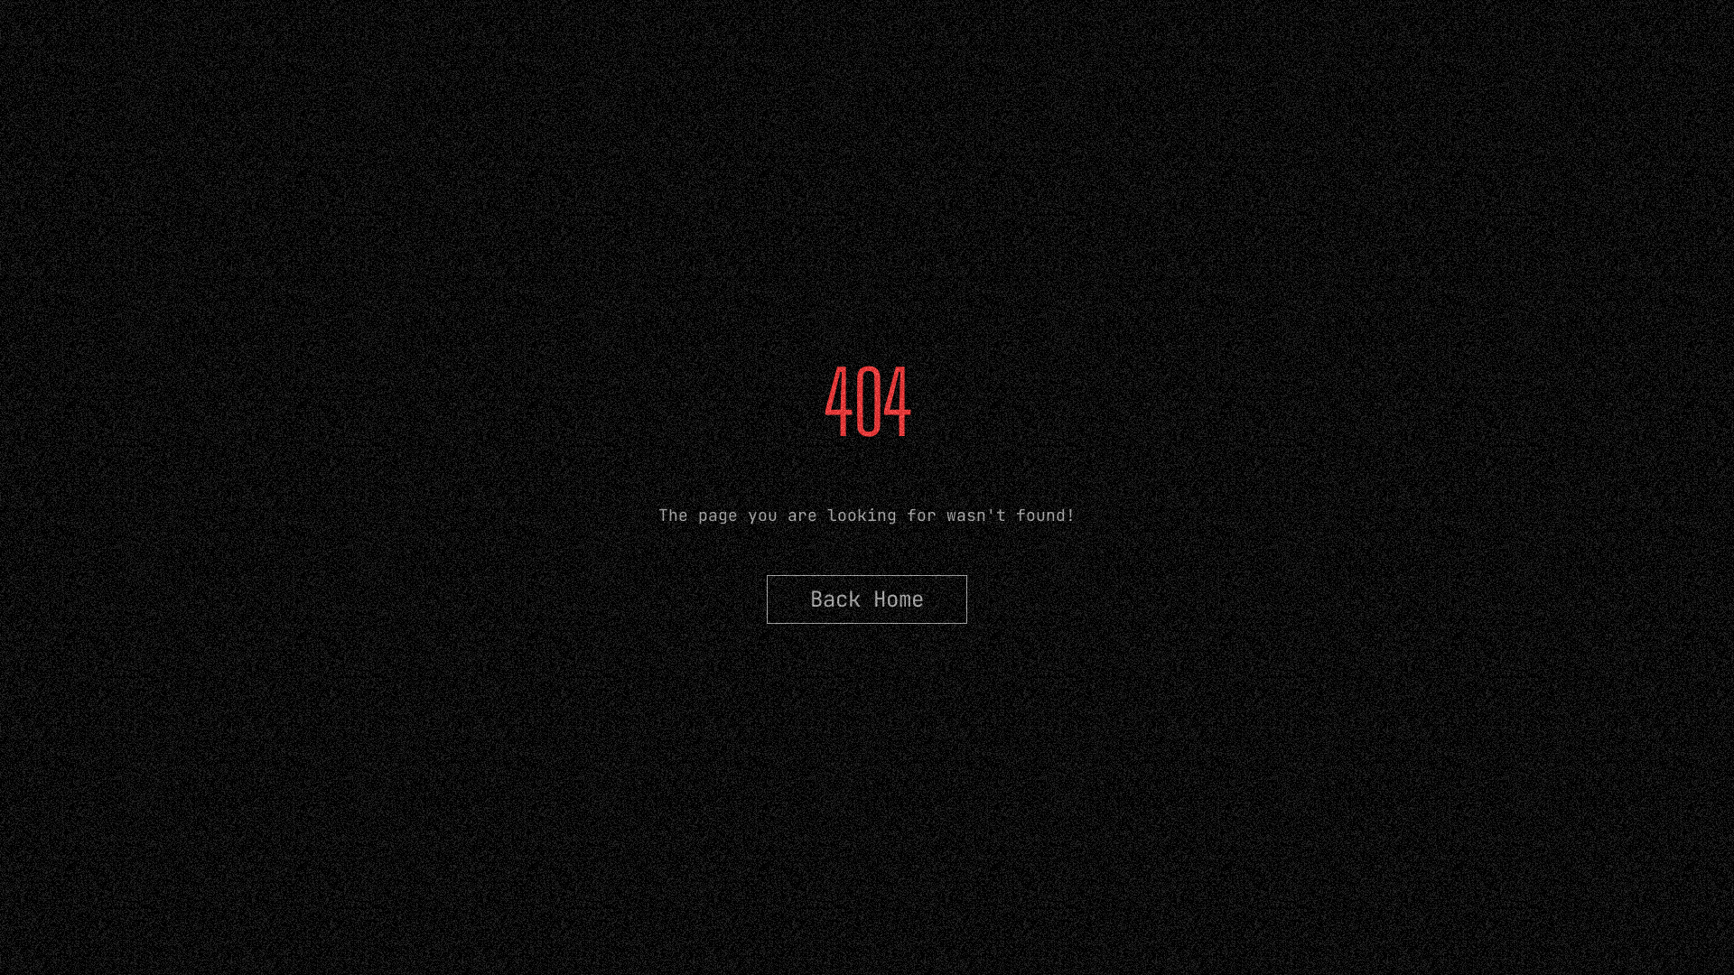  What do you see at coordinates (867, 599) in the screenshot?
I see `'Back Home'` at bounding box center [867, 599].